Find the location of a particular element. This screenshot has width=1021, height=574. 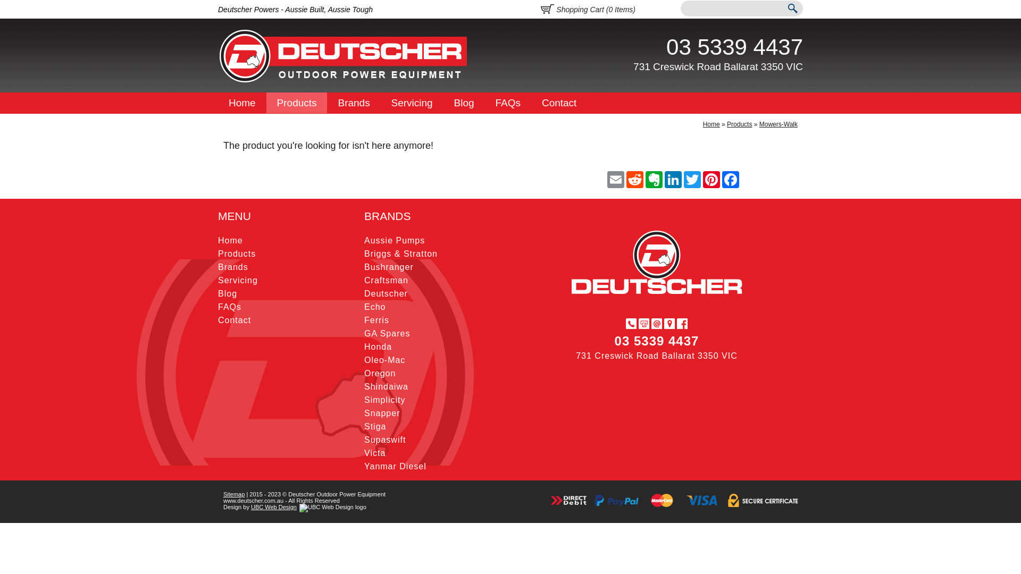

'Bushranger' is located at coordinates (388, 266).